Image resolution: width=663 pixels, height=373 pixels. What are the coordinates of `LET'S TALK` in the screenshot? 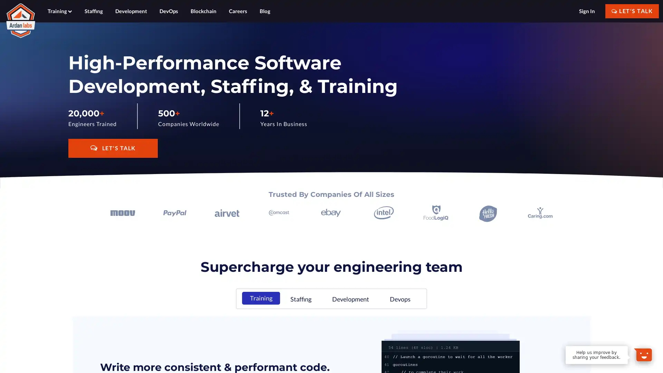 It's located at (113, 148).